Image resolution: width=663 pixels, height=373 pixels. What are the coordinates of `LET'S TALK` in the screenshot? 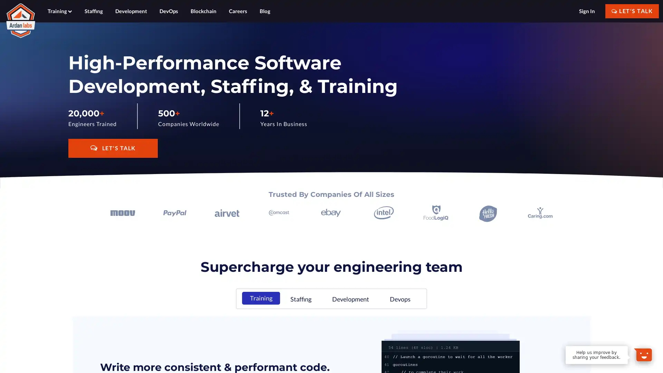 It's located at (113, 148).